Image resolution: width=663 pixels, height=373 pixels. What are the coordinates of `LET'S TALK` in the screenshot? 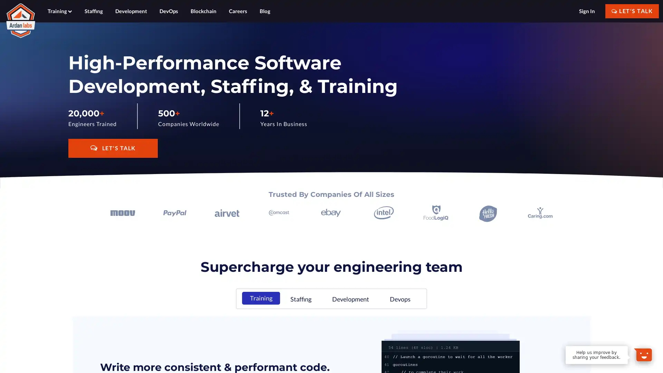 It's located at (113, 148).